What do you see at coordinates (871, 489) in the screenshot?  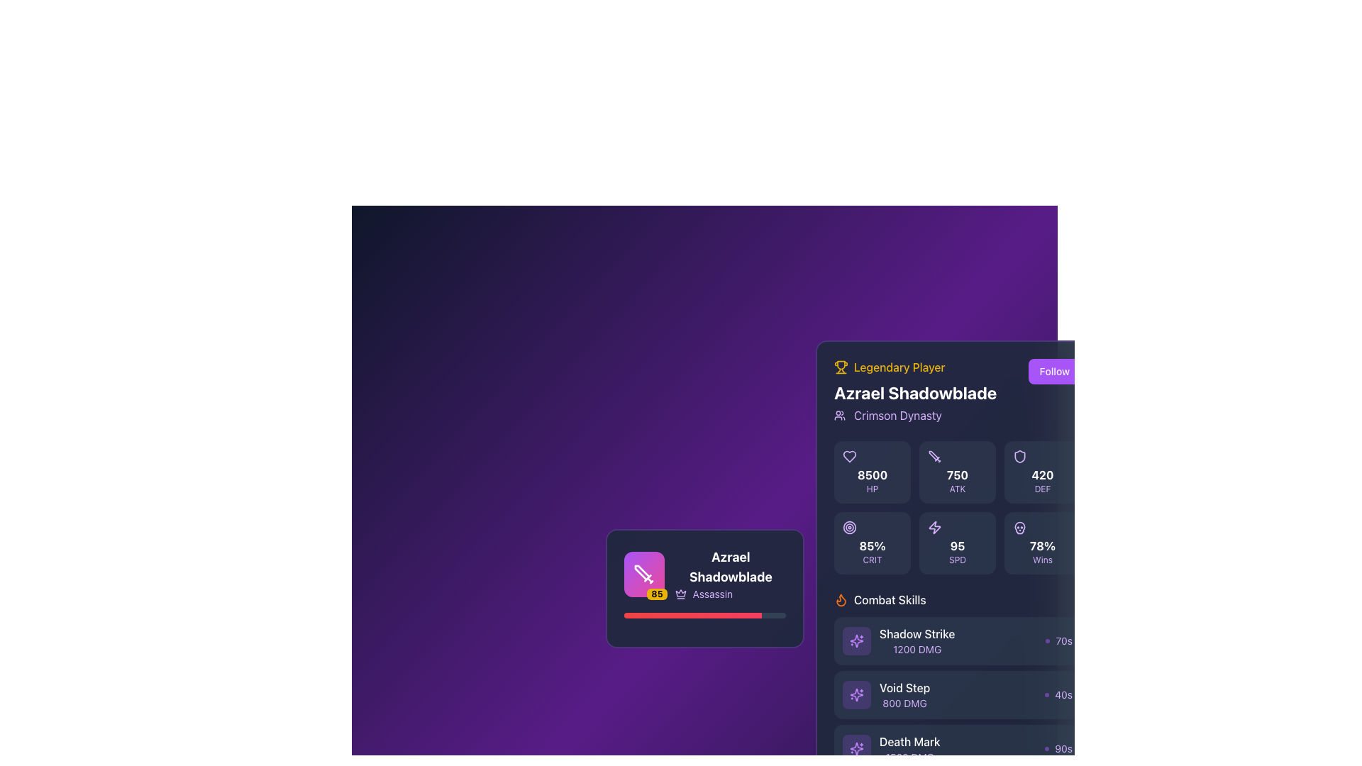 I see `the static text label displaying 'HP' in a small, purple, bold font, which is positioned beneath the numerical value of 8500` at bounding box center [871, 489].